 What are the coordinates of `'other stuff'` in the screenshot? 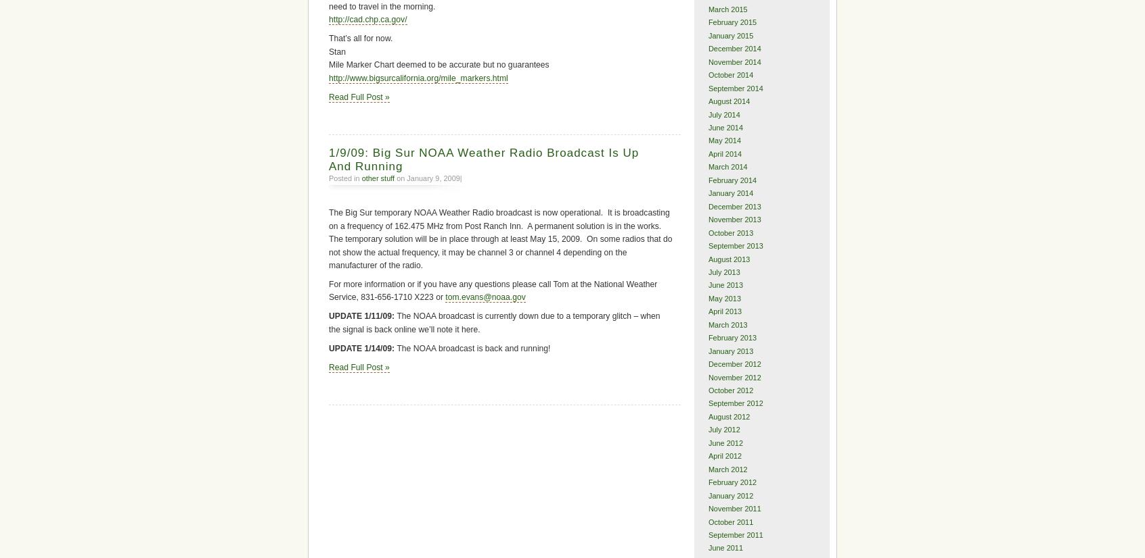 It's located at (378, 178).